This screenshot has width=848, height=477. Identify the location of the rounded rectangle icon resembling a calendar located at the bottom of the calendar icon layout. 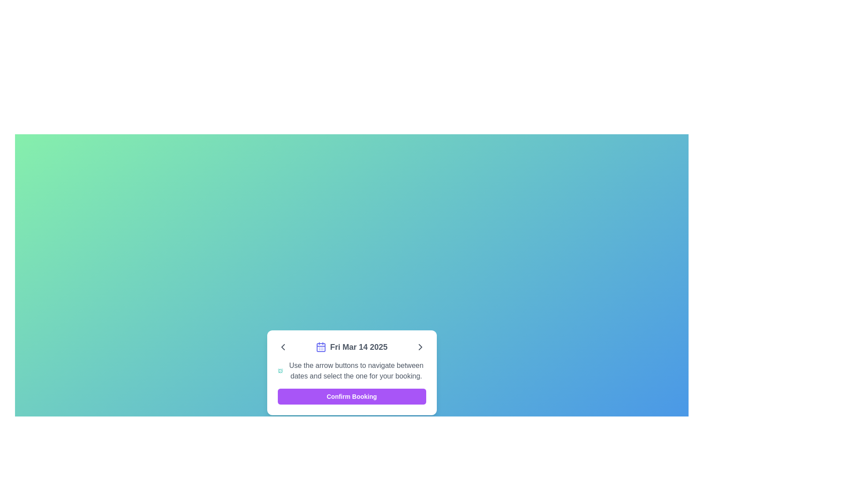
(321, 347).